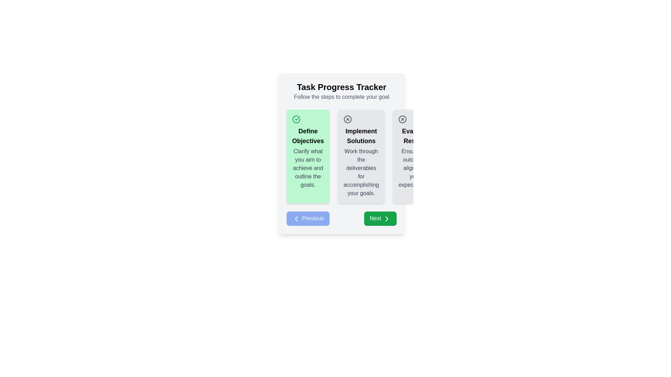  What do you see at coordinates (297, 118) in the screenshot?
I see `the check mark icon located near the upper-left corner of the 'Define Objectives' card in the task progress tracker interface, which signifies completion of the task` at bounding box center [297, 118].